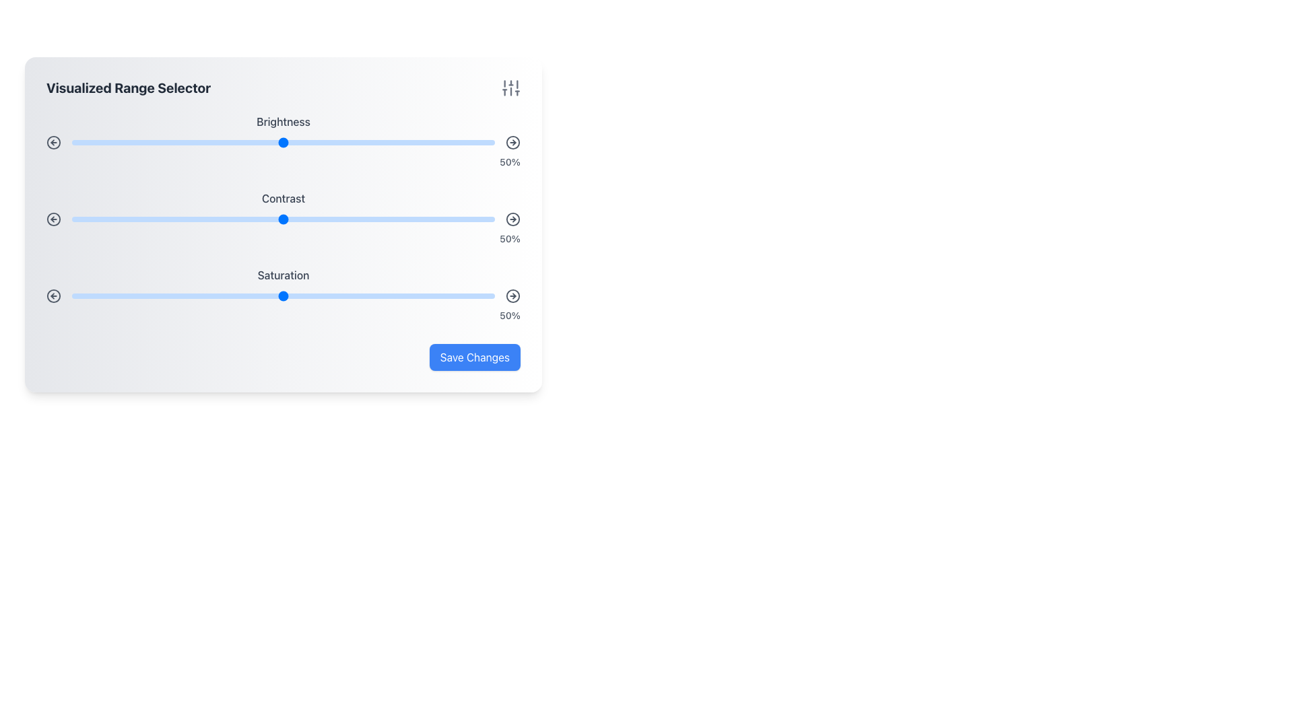  Describe the element at coordinates (329, 219) in the screenshot. I see `the value of the contrast slider` at that location.